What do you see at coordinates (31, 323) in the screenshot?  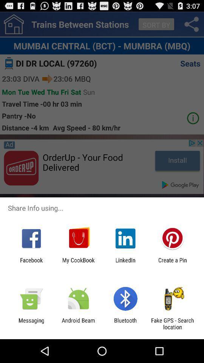 I see `icon to the left of android beam item` at bounding box center [31, 323].